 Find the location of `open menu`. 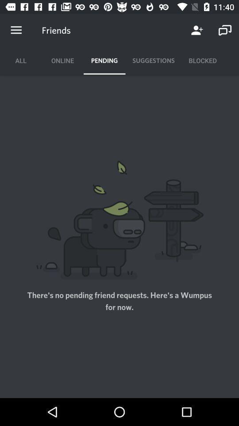

open menu is located at coordinates (16, 30).